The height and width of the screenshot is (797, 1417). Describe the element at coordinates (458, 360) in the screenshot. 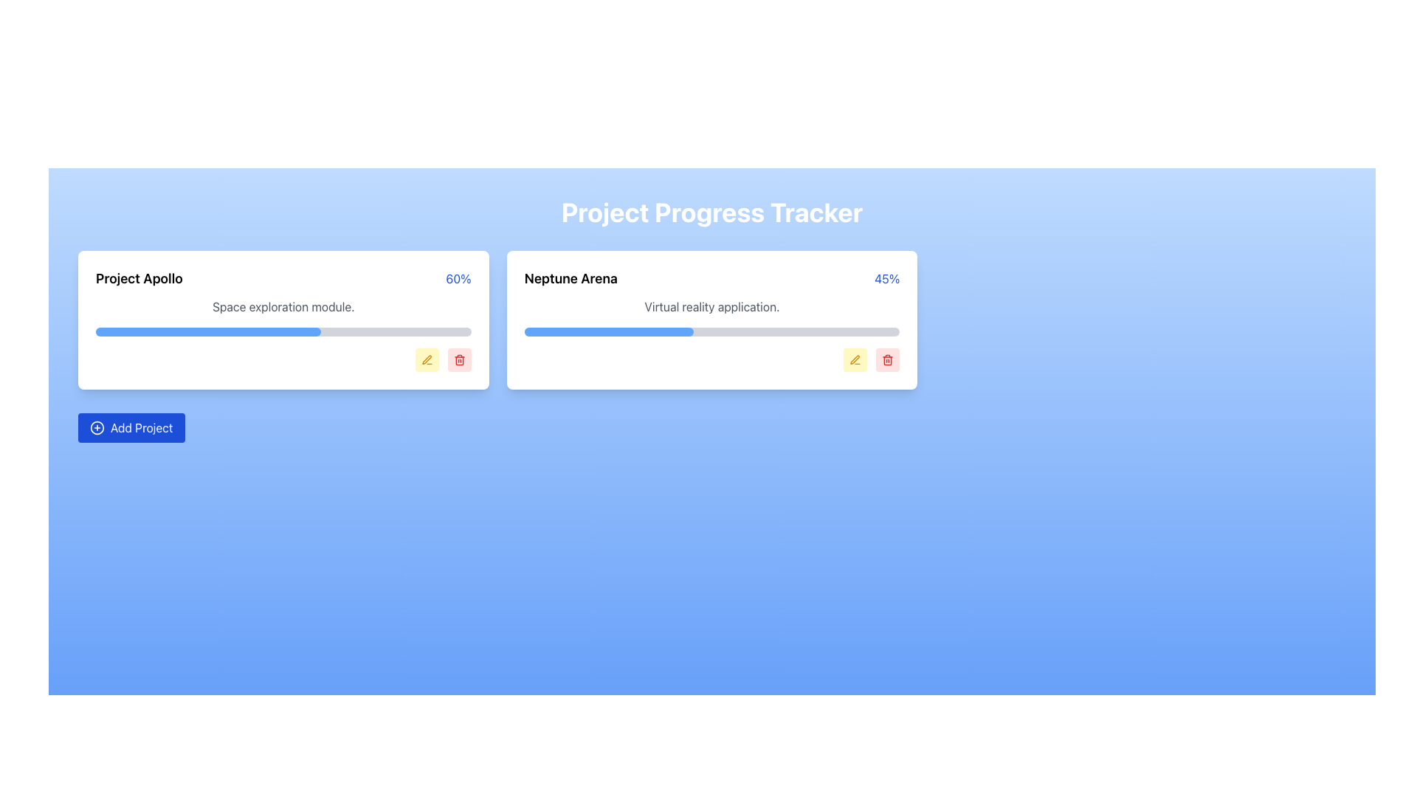

I see `the trash icon button located at the bottom-right corner of the 'Project Apollo' card to trigger visual feedback` at that location.